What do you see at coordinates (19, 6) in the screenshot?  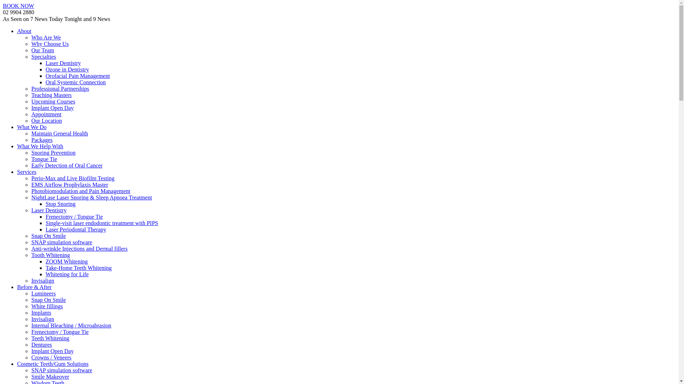 I see `'BOOK NOW'` at bounding box center [19, 6].